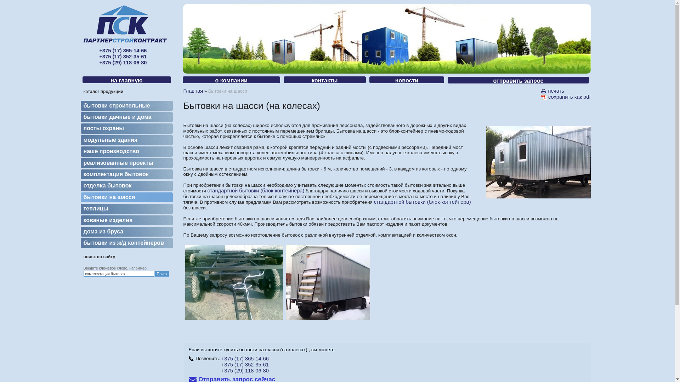  Describe the element at coordinates (245, 364) in the screenshot. I see `'+375 (17) 352-35-61'` at that location.